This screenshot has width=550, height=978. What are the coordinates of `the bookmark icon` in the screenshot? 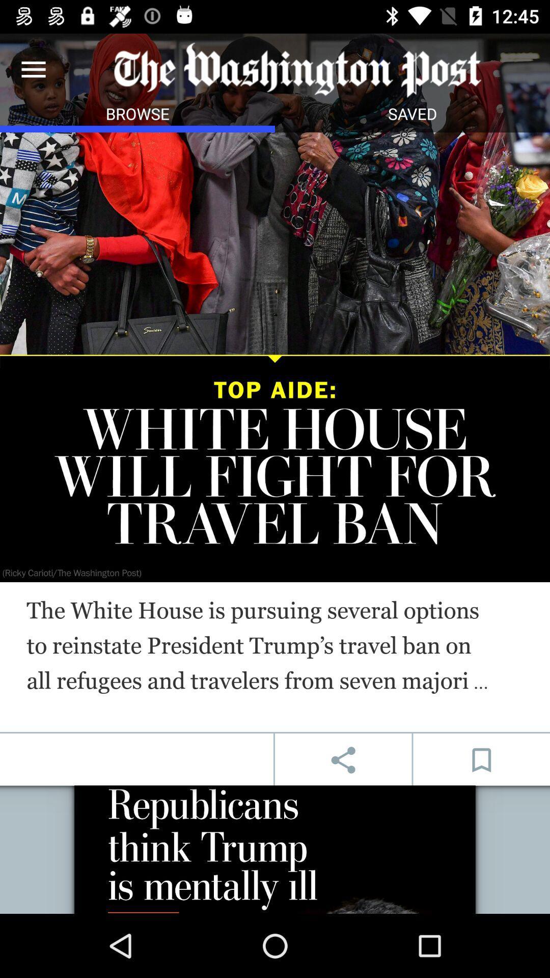 It's located at (481, 760).